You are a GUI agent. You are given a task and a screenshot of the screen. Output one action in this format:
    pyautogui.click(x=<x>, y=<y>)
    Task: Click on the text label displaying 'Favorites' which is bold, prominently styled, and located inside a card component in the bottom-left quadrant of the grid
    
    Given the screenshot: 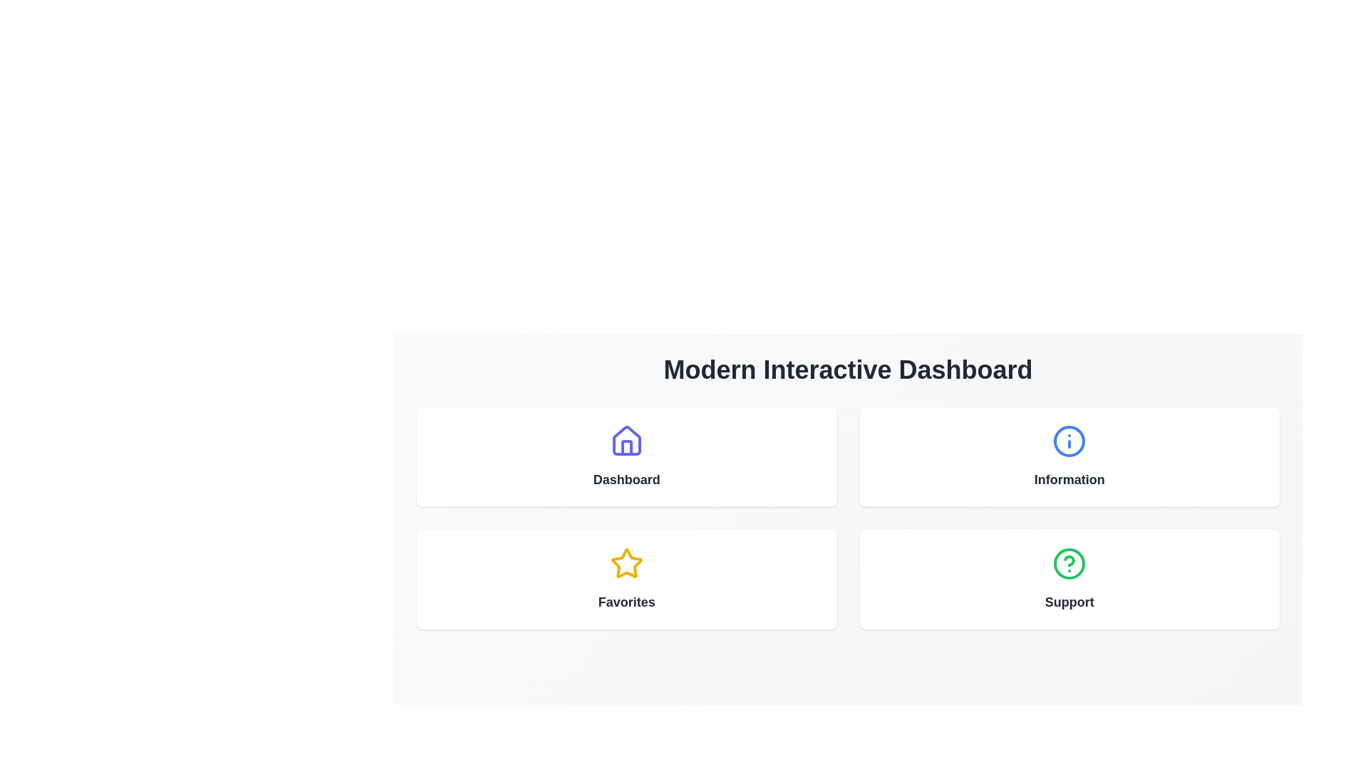 What is the action you would take?
    pyautogui.click(x=626, y=602)
    